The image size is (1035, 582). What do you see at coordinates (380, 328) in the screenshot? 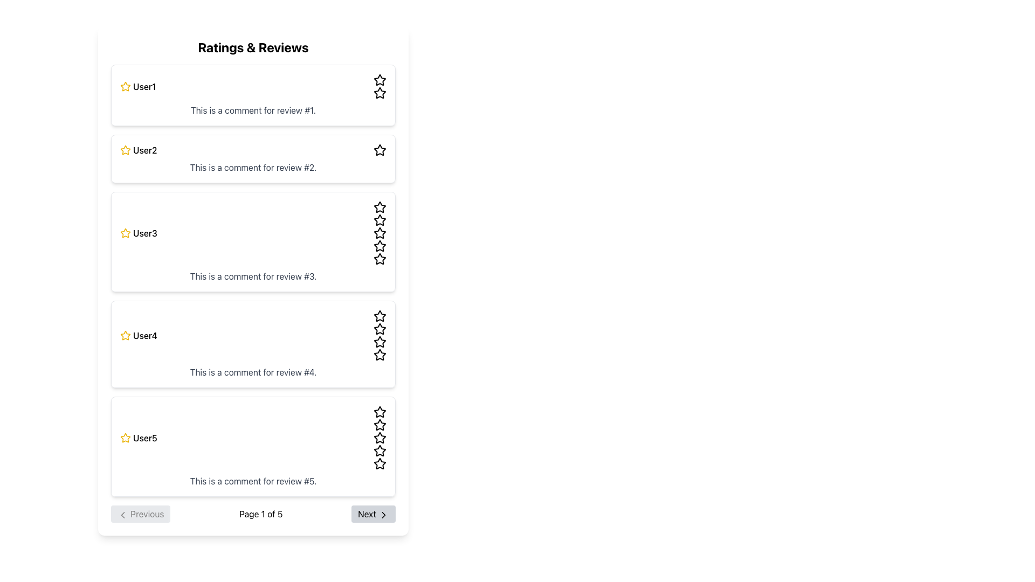
I see `the third interactive rating star for the fourth review item ('User4')` at bounding box center [380, 328].